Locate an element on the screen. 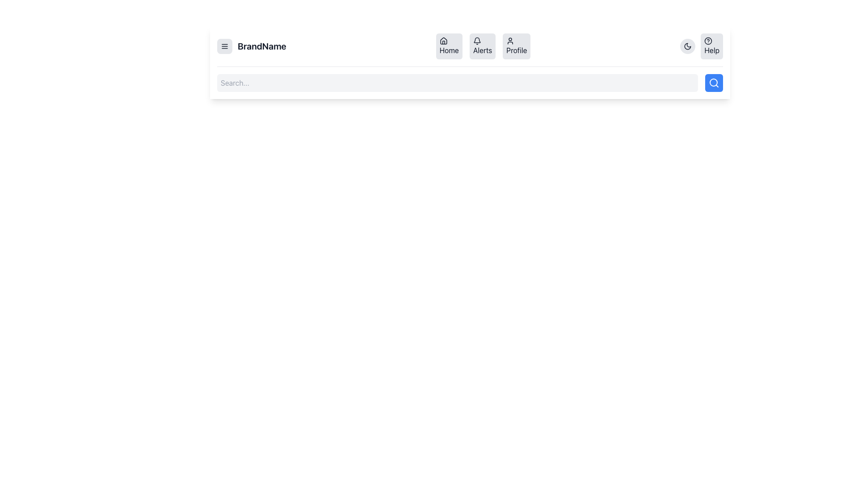 This screenshot has height=482, width=858. the 'Alerts' button, which is a gray button with a bell icon and is located between the 'Home' and 'Profile' buttons in the top navigation bar is located at coordinates (482, 46).